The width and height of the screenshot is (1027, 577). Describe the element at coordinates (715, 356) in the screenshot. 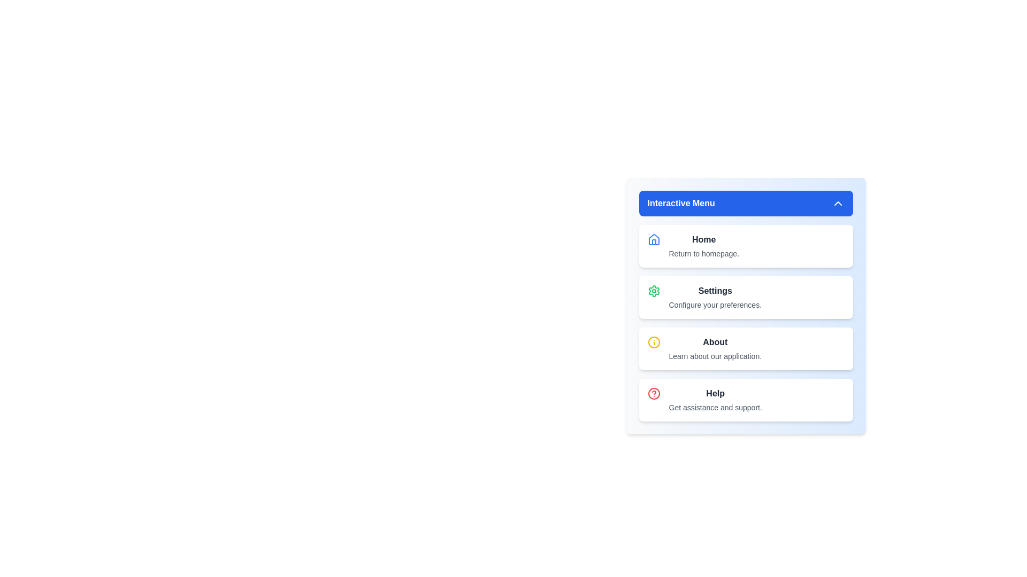

I see `the descriptive text label located directly below the 'About' heading in the third section of the vertically stacked menu` at that location.